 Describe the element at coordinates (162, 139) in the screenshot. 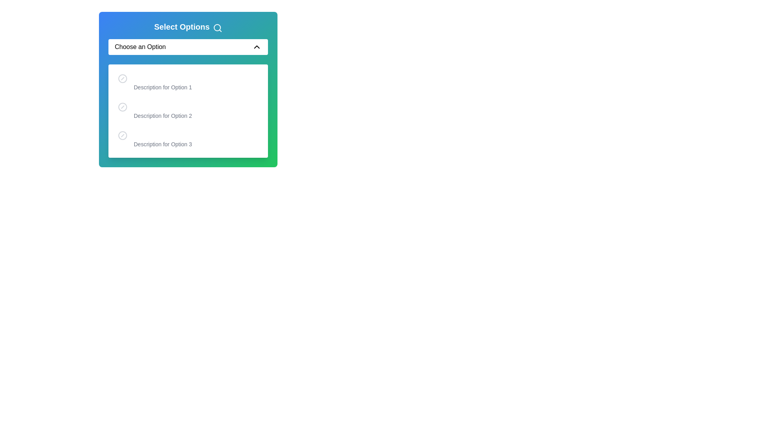

I see `the third option 'Option 3' in the dropdown menu` at that location.